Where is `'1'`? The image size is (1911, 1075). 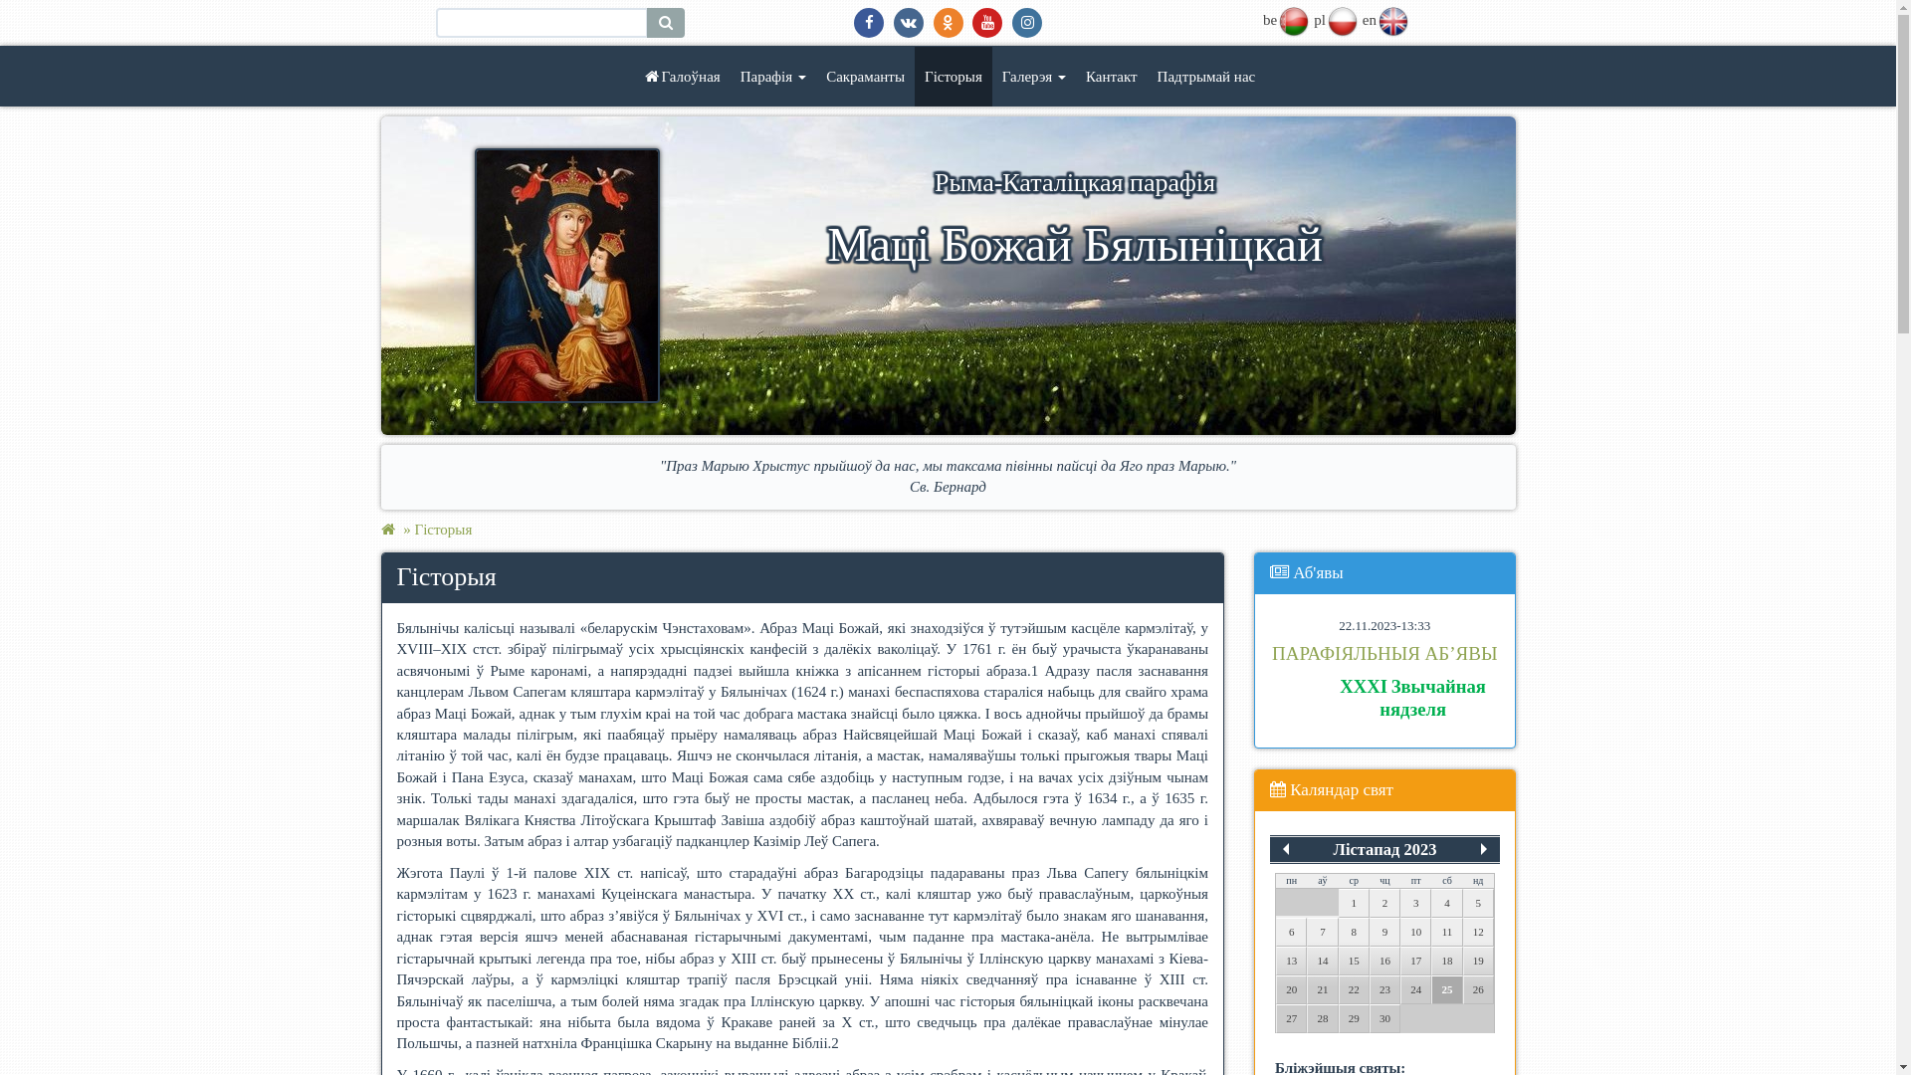 '1' is located at coordinates (1354, 903).